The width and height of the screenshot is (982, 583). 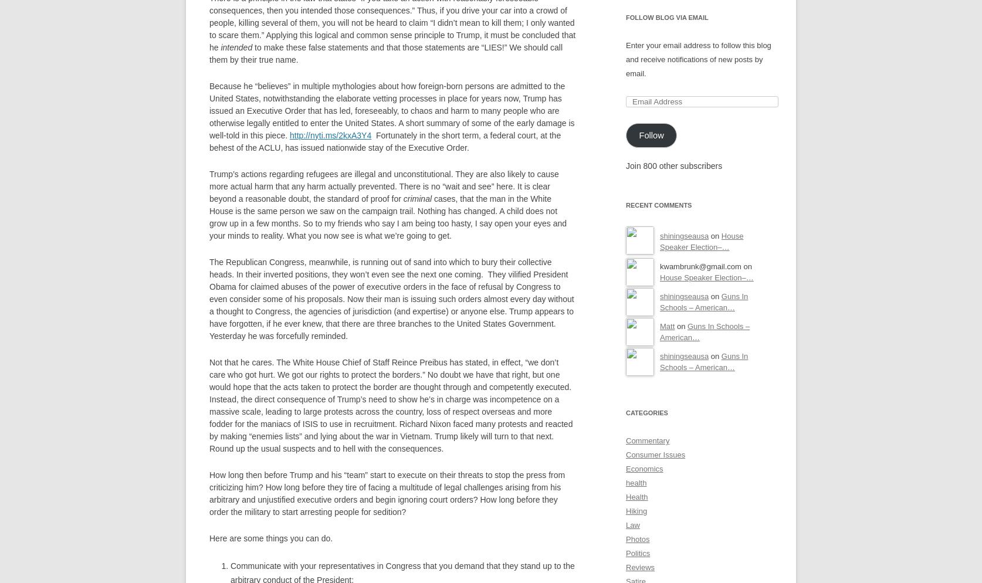 What do you see at coordinates (698, 59) in the screenshot?
I see `'Enter your email address to follow this blog and receive notifications of new posts by email.'` at bounding box center [698, 59].